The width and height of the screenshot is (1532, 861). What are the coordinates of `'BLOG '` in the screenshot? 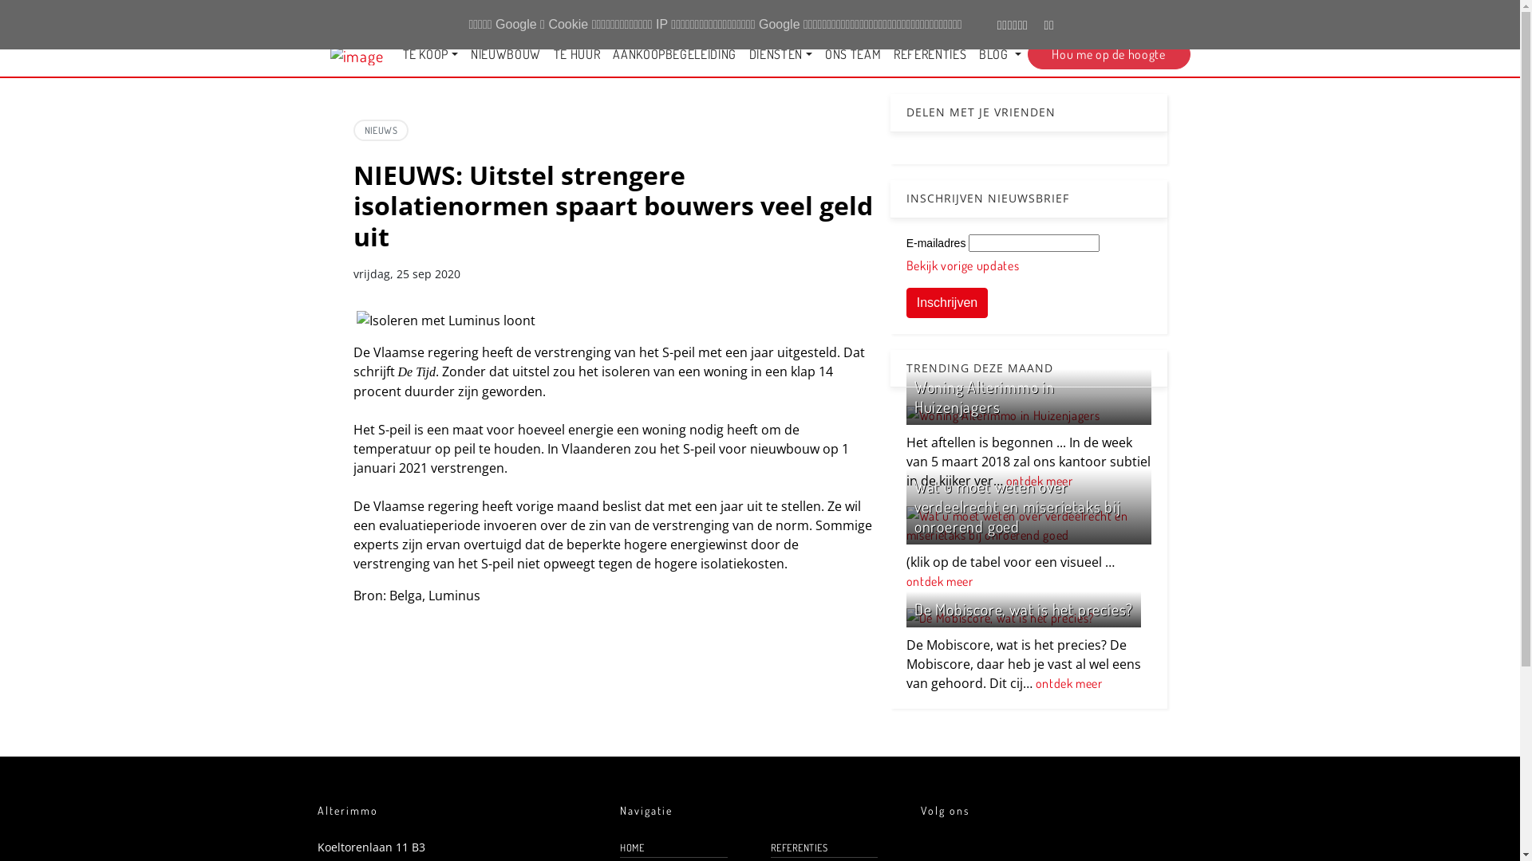 It's located at (998, 53).